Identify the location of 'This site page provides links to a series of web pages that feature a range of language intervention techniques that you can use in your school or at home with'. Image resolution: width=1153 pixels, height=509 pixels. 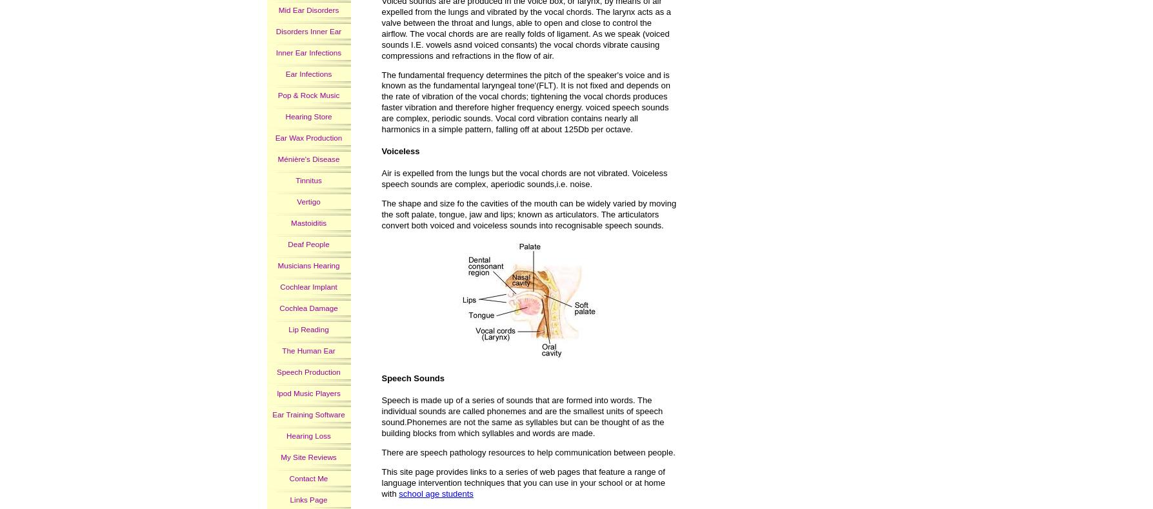
(523, 482).